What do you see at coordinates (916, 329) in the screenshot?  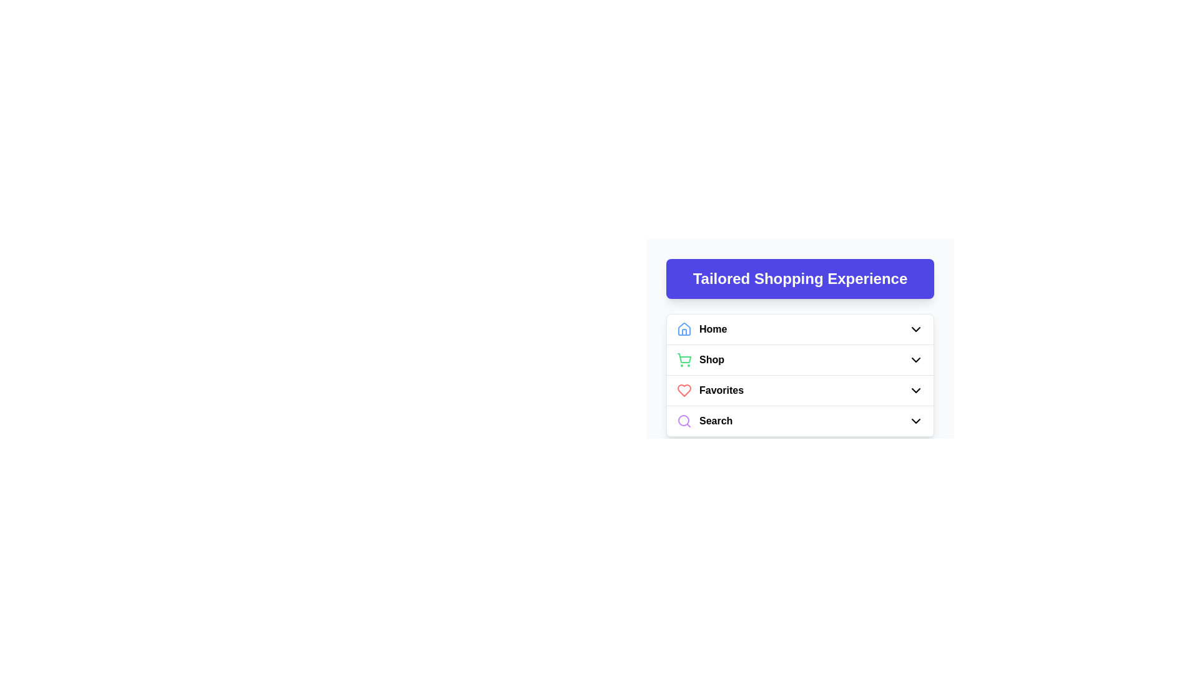 I see `the chevron-down style icon located at the far right of the 'Home' row in the list` at bounding box center [916, 329].